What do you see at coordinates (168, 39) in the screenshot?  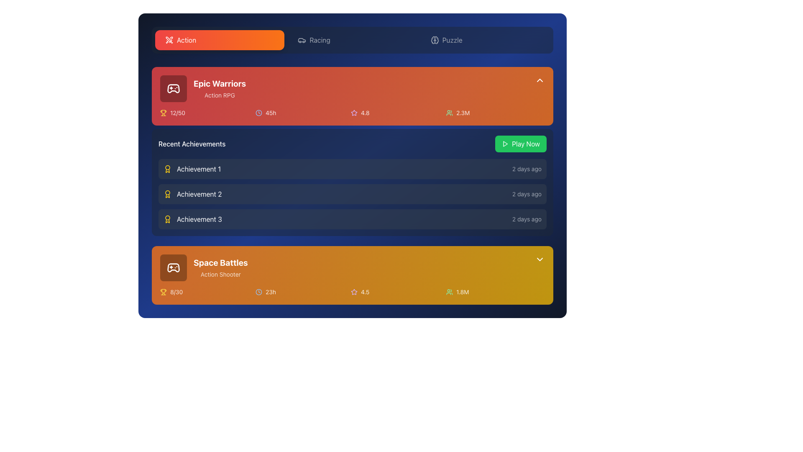 I see `the SVG graphic element representing the 'swords' icon, which is located in the top-left section of the interface above the game information cards` at bounding box center [168, 39].